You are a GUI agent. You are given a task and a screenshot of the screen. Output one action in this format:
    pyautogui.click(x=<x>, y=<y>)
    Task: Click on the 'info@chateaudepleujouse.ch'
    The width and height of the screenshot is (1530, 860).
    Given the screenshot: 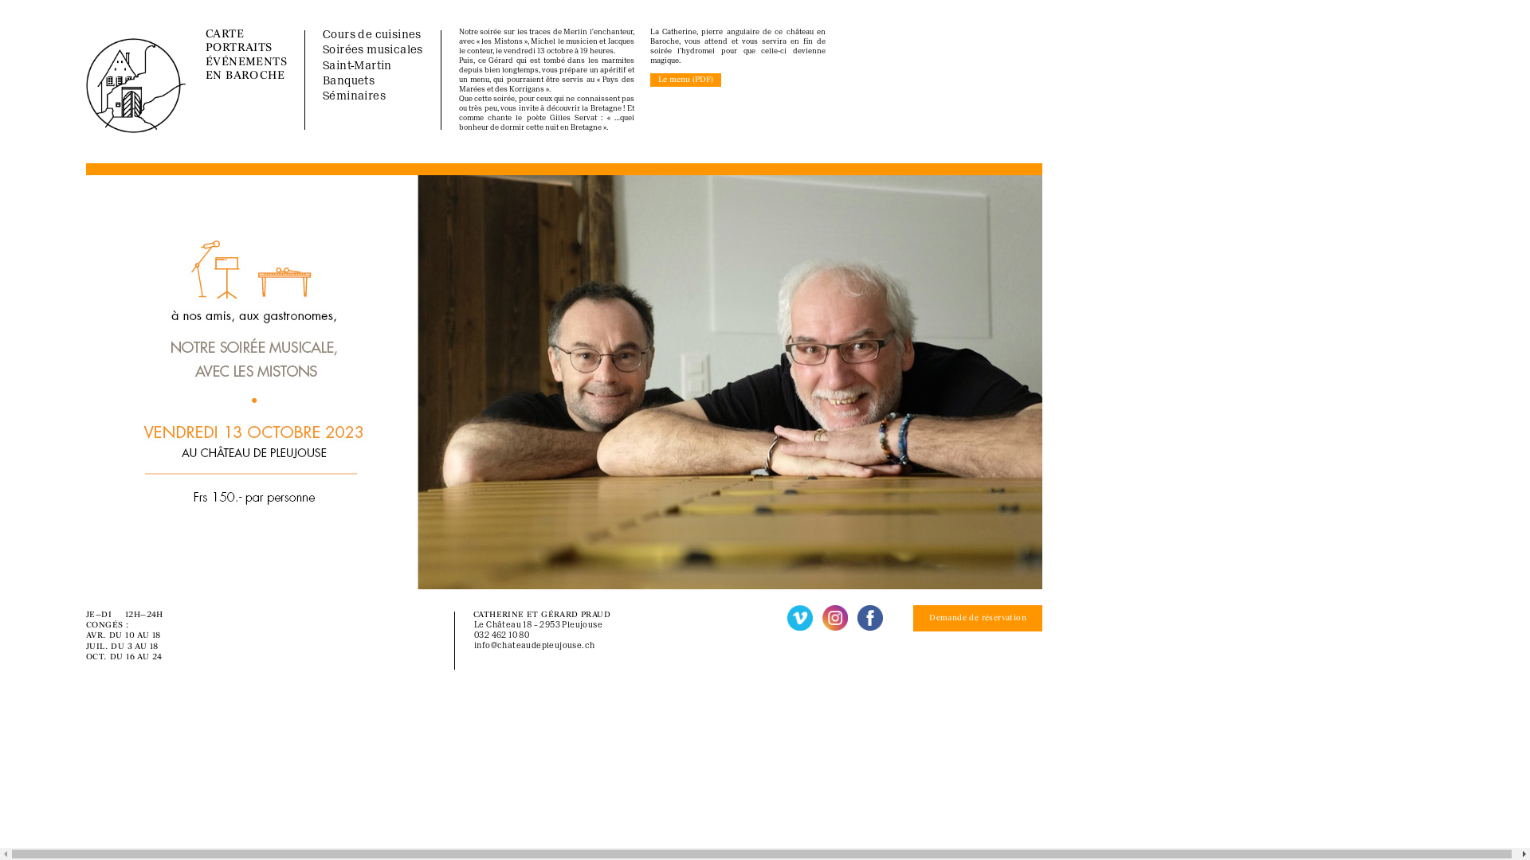 What is the action you would take?
    pyautogui.click(x=534, y=646)
    